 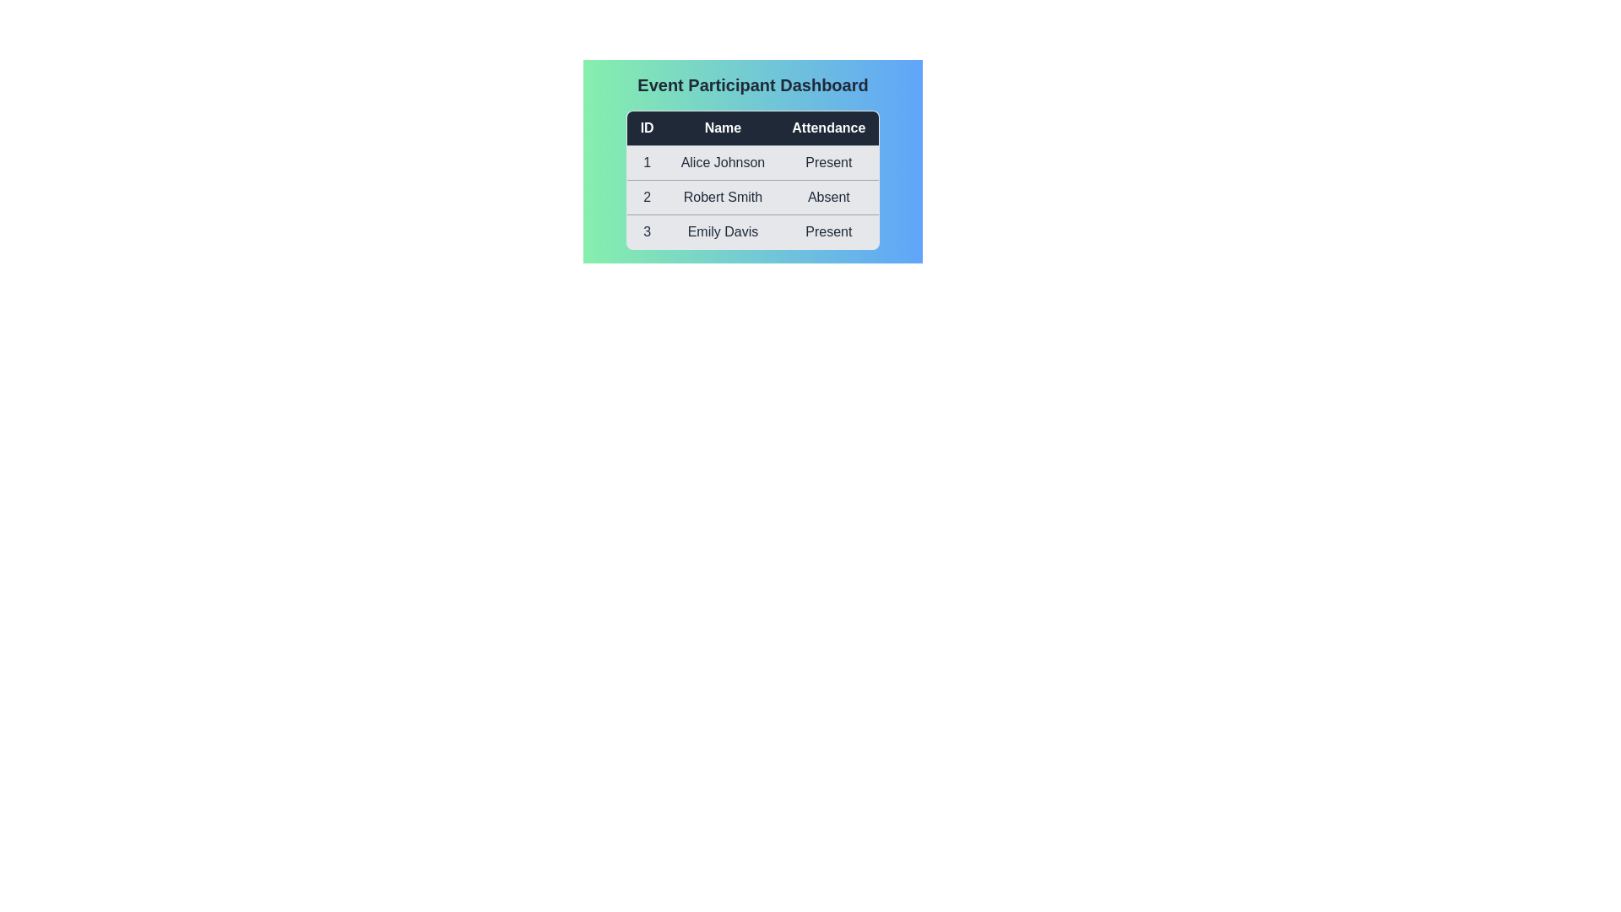 What do you see at coordinates (646, 197) in the screenshot?
I see `the numerical label '2' in the first cell of the second row under the 'ID' header in the table` at bounding box center [646, 197].